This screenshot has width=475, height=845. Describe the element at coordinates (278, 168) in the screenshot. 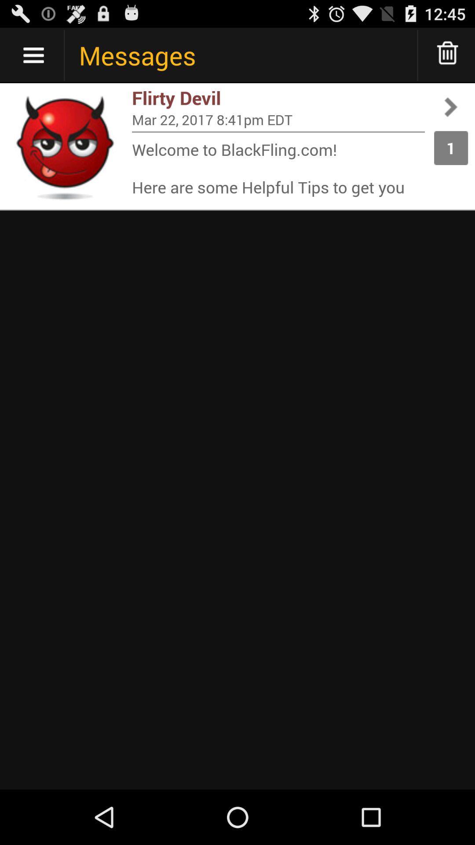

I see `the welcome to blackfling item` at that location.